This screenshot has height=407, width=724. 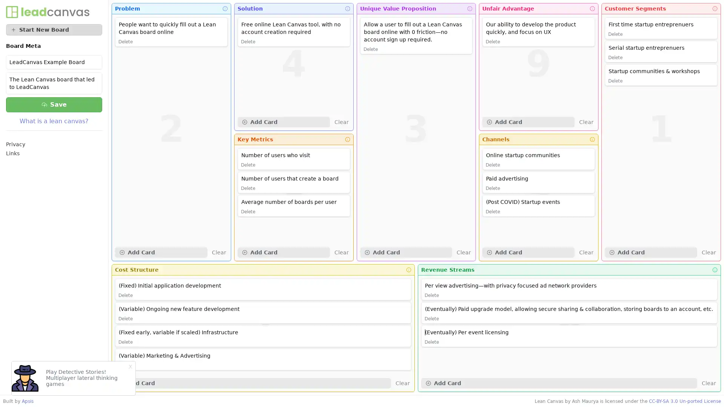 What do you see at coordinates (492, 42) in the screenshot?
I see `Delete` at bounding box center [492, 42].